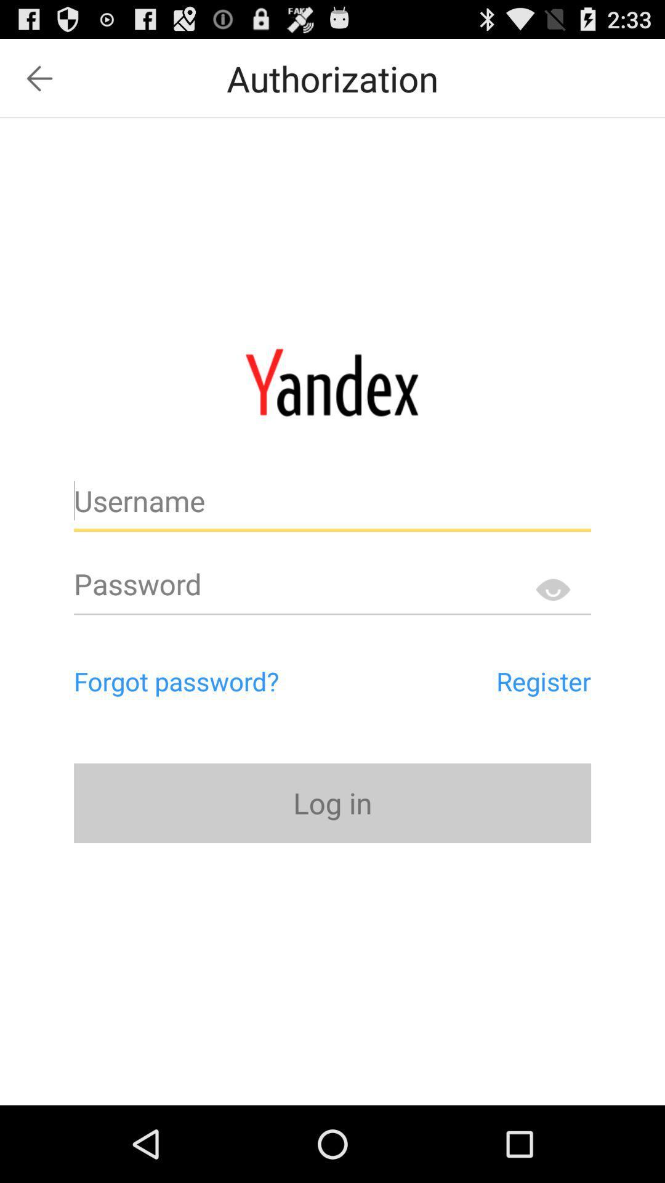  What do you see at coordinates (39, 78) in the screenshot?
I see `item next to authorization` at bounding box center [39, 78].